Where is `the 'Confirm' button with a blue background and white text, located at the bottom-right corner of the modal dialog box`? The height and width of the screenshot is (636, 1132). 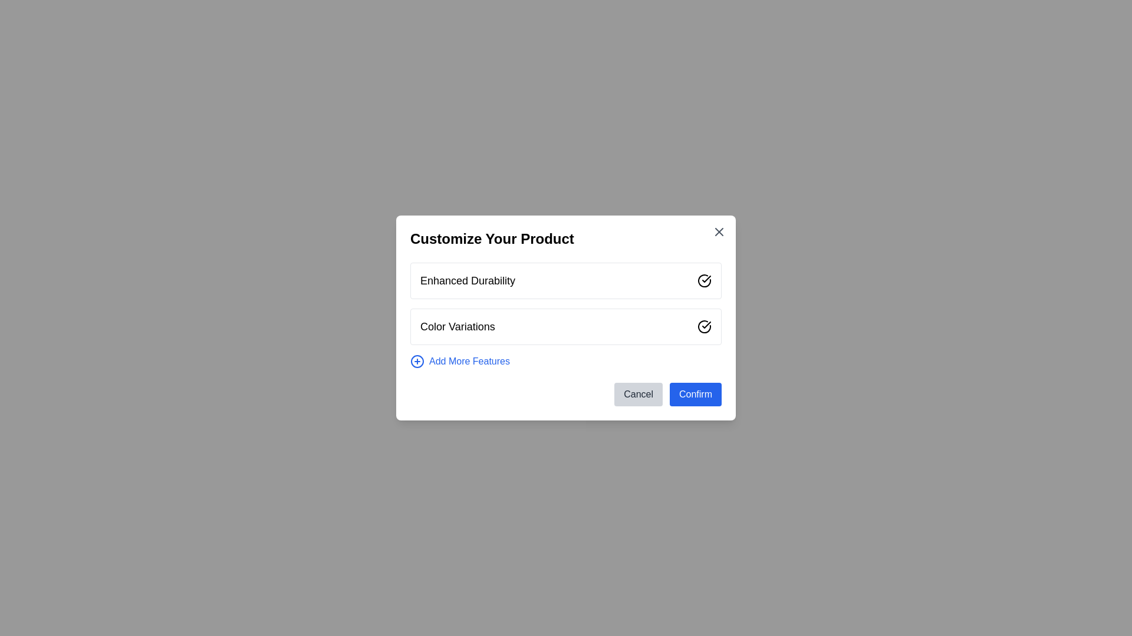
the 'Confirm' button with a blue background and white text, located at the bottom-right corner of the modal dialog box is located at coordinates (696, 395).